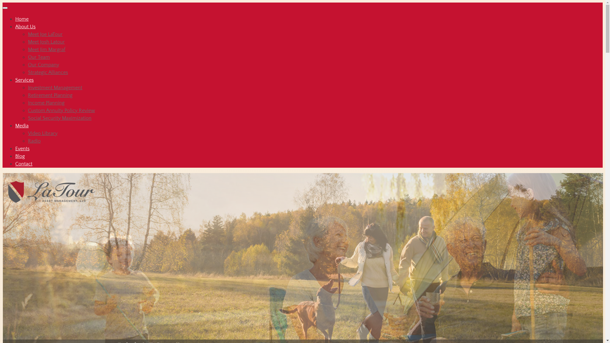 This screenshot has width=610, height=343. What do you see at coordinates (61, 110) in the screenshot?
I see `'Custom Annuity Policy Review'` at bounding box center [61, 110].